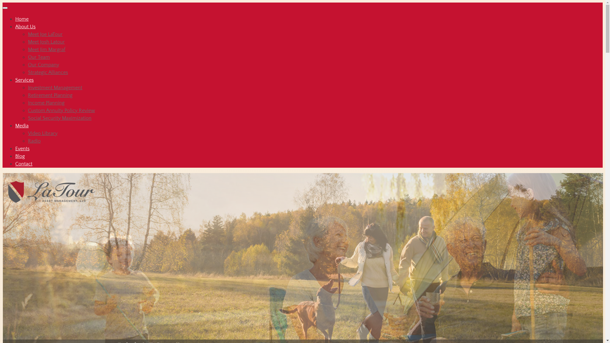 This screenshot has width=610, height=343. What do you see at coordinates (61, 110) in the screenshot?
I see `'Custom Annuity Policy Review'` at bounding box center [61, 110].